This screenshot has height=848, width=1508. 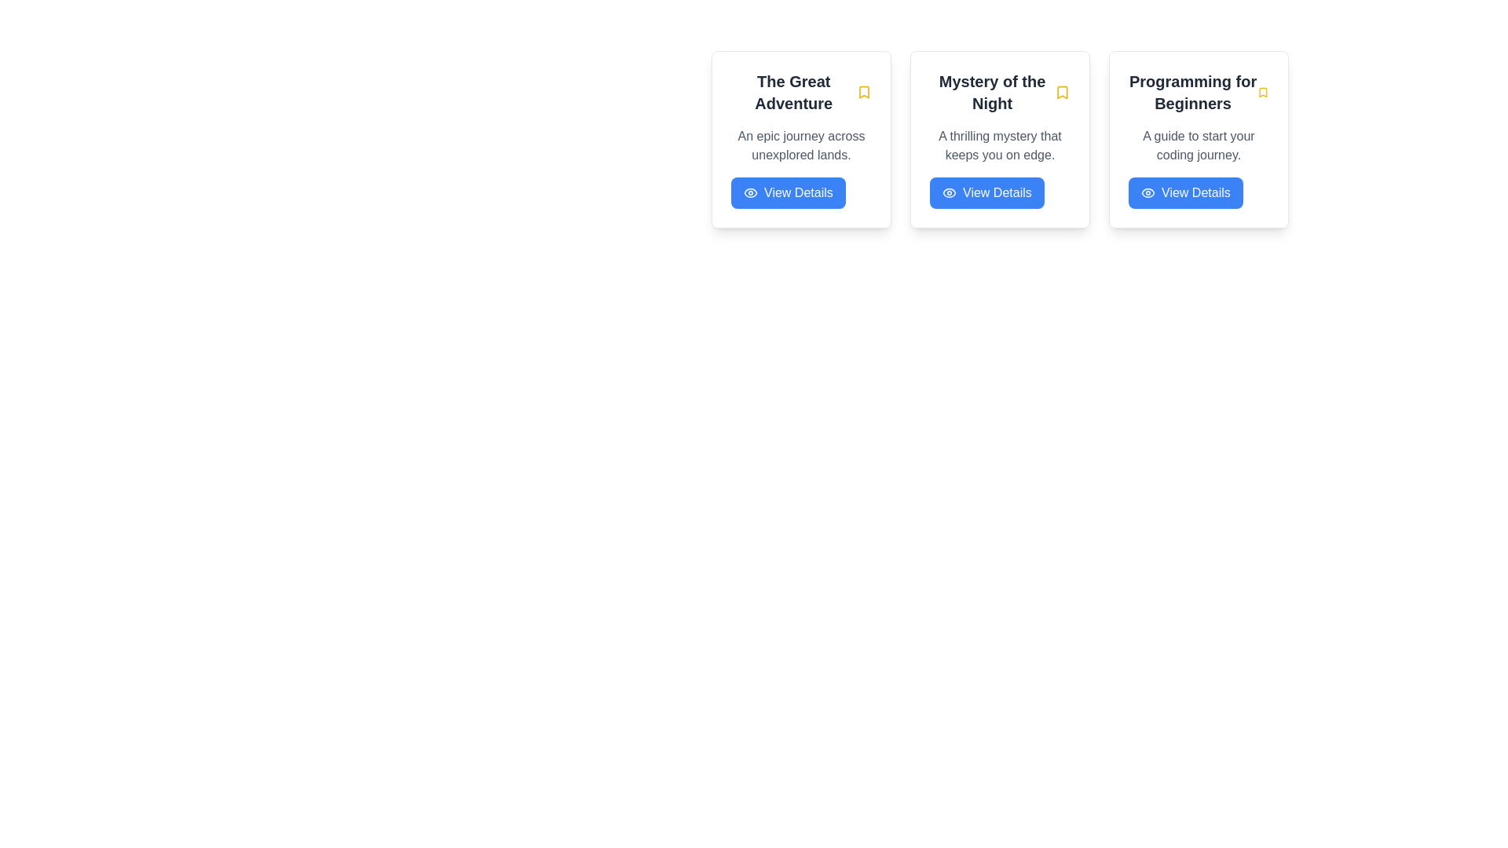 I want to click on the bookmark icon located to the right of the title text 'The Great Adventure', so click(x=863, y=93).